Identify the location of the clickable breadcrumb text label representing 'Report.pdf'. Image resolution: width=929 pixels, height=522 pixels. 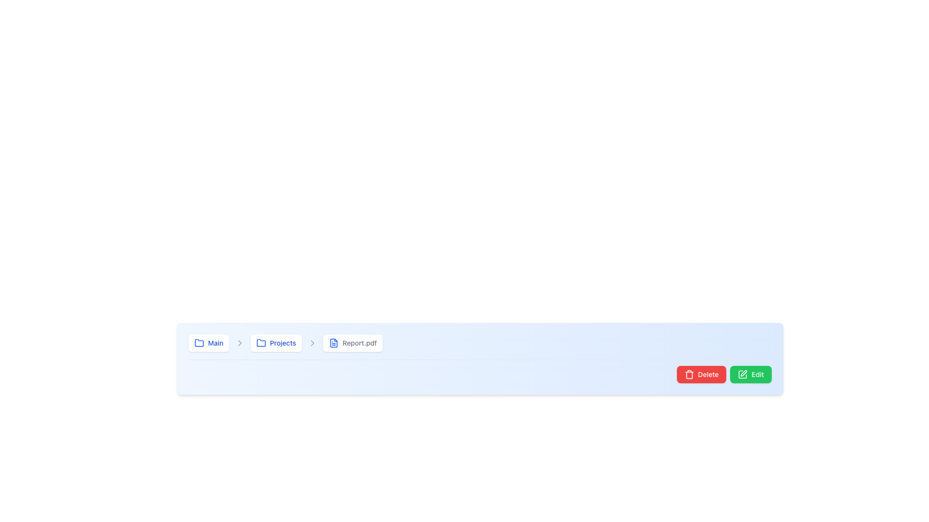
(359, 342).